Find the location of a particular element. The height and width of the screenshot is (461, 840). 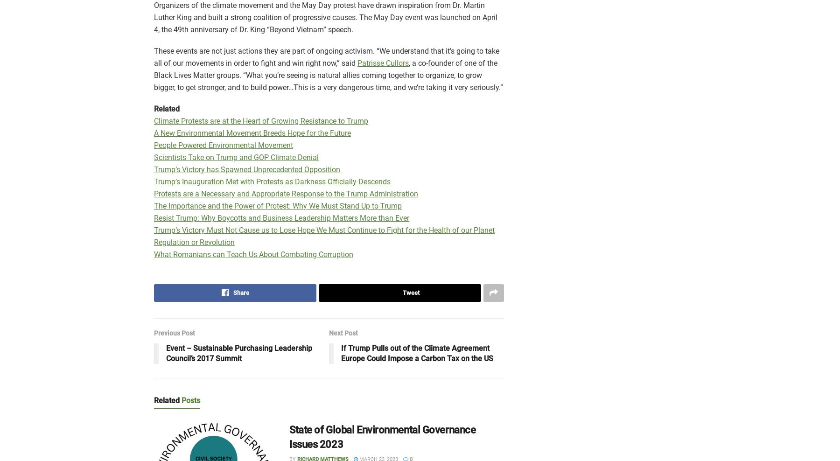

'What Romanians can Teach Us About Combating Corruption' is located at coordinates (253, 254).